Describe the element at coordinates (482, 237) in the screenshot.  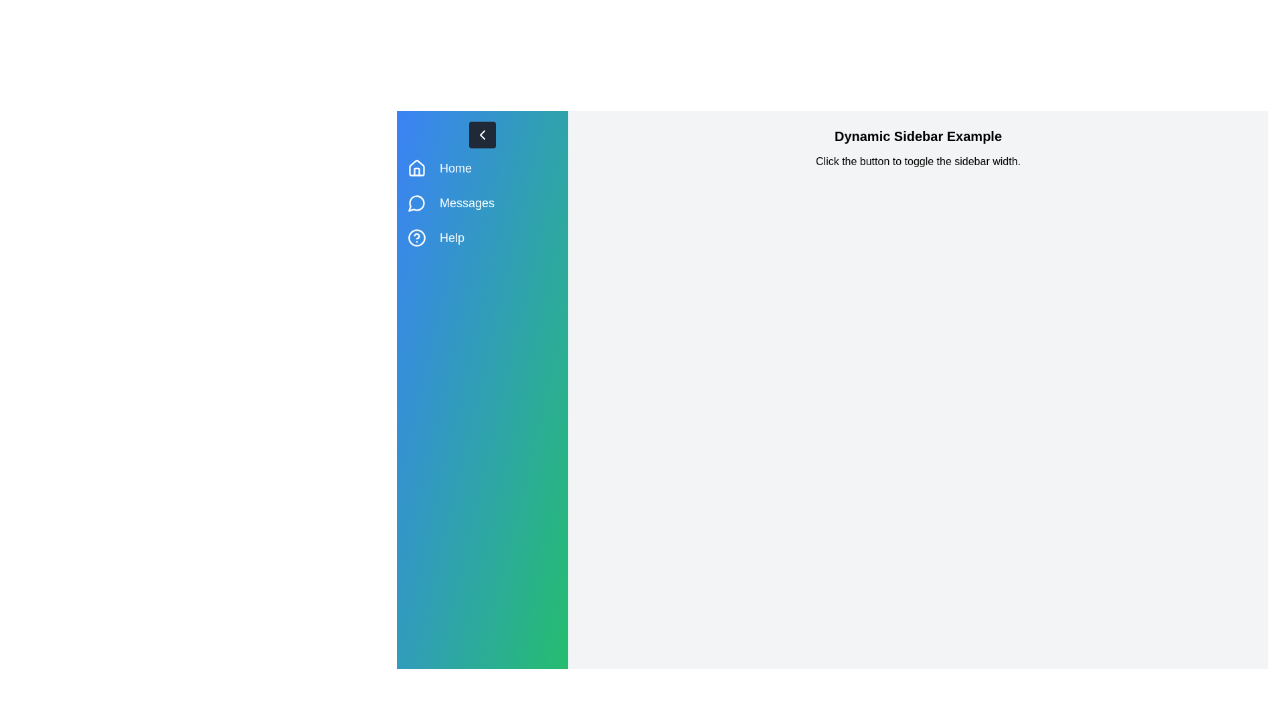
I see `the menu item Help from the sidebar` at that location.